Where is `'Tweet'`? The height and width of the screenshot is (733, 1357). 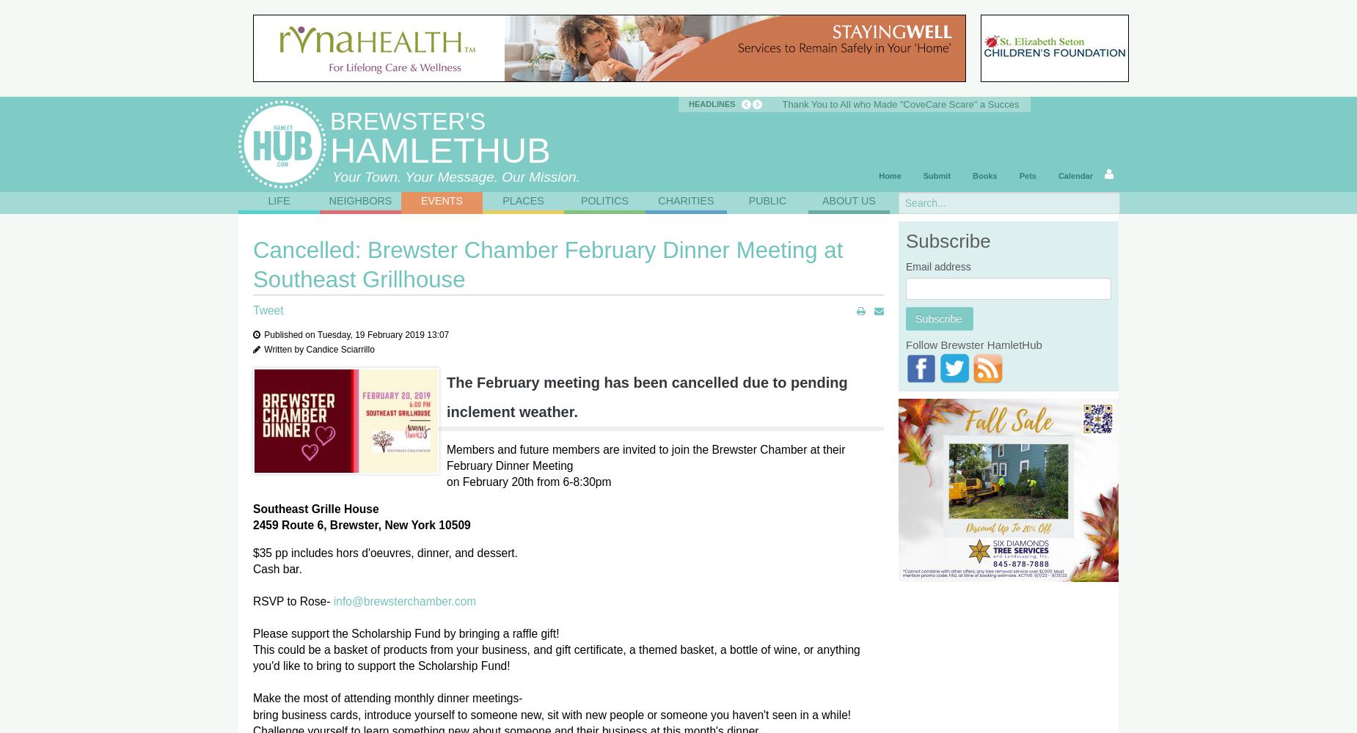 'Tweet' is located at coordinates (267, 310).